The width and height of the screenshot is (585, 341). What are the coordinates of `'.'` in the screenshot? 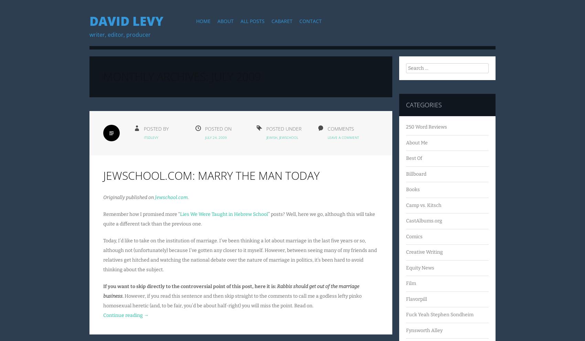 It's located at (188, 197).